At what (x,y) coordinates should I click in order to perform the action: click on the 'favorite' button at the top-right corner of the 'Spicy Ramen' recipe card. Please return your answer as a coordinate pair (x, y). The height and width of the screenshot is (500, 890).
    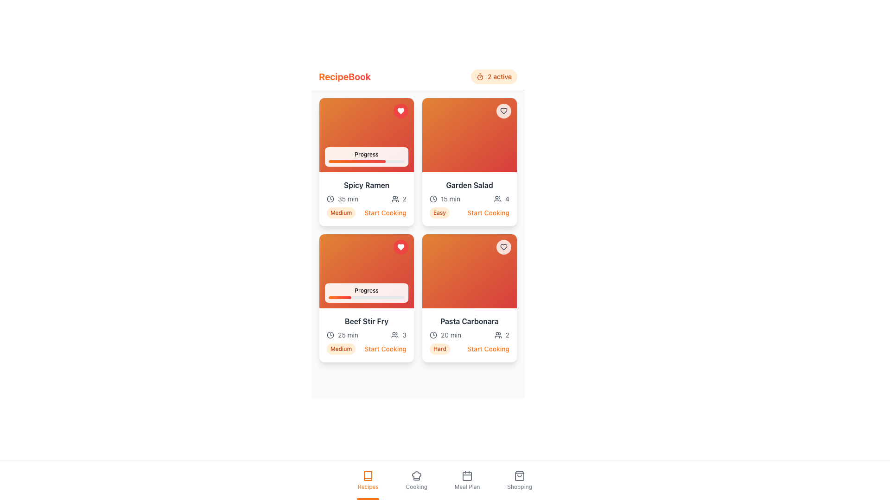
    Looking at the image, I should click on (400, 110).